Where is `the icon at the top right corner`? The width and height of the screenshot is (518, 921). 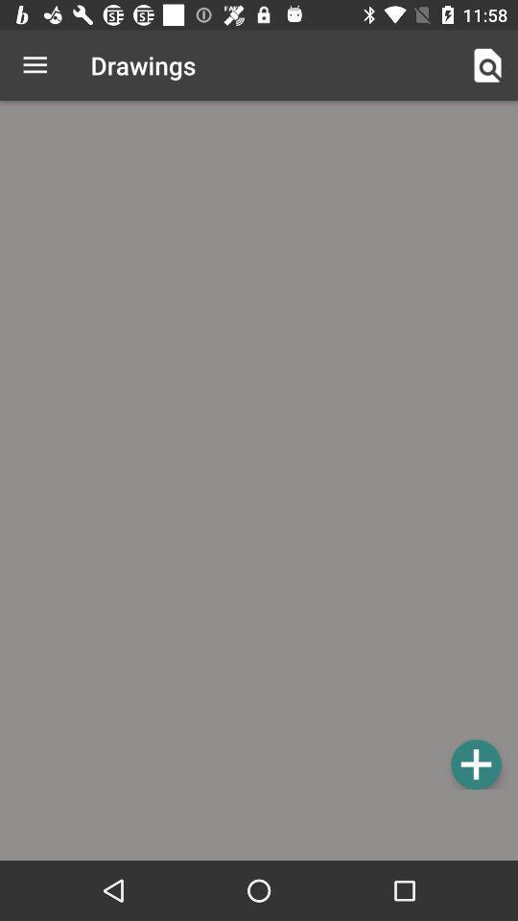 the icon at the top right corner is located at coordinates (487, 65).